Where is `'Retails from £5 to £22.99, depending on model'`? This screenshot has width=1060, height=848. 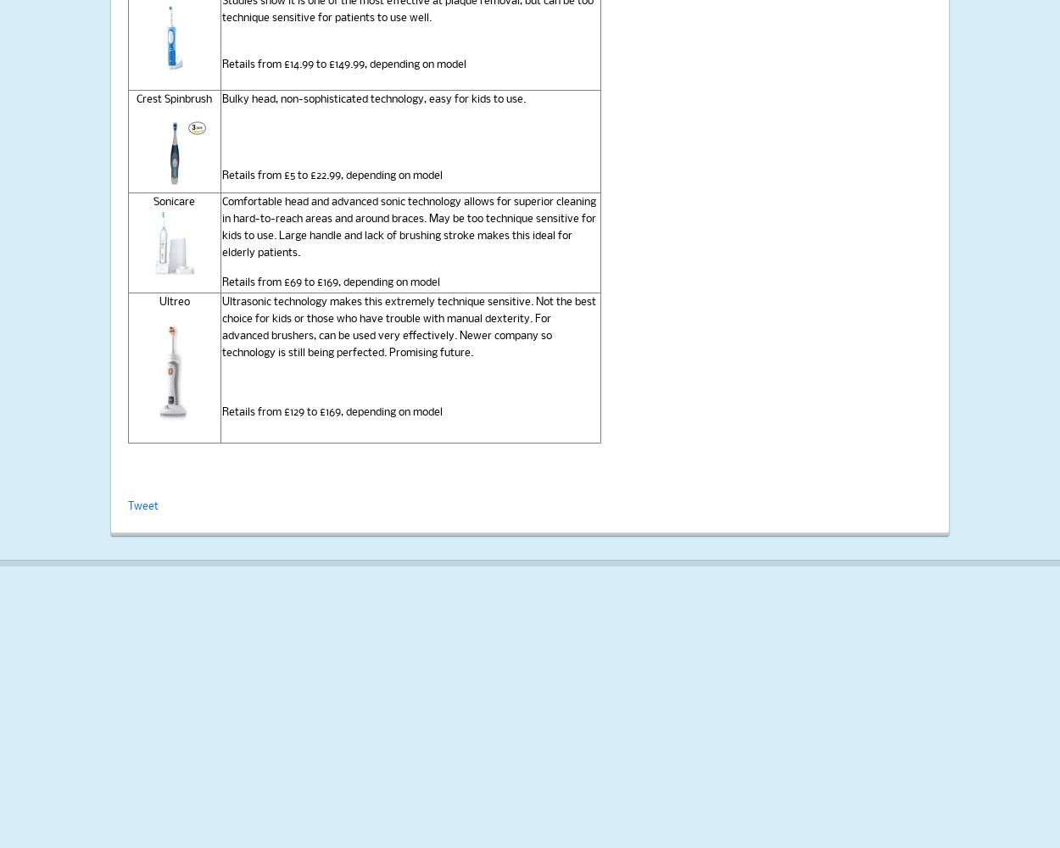 'Retails from £5 to £22.99, depending on model' is located at coordinates (332, 175).